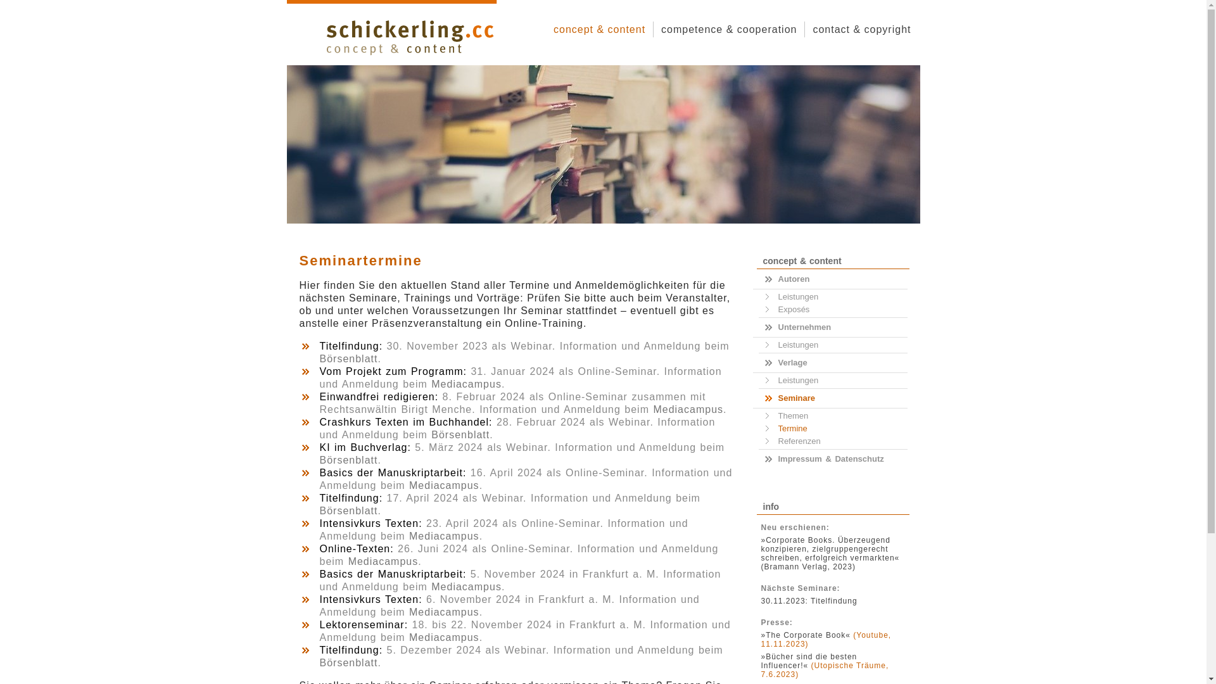  What do you see at coordinates (830, 441) in the screenshot?
I see `'Referenzen'` at bounding box center [830, 441].